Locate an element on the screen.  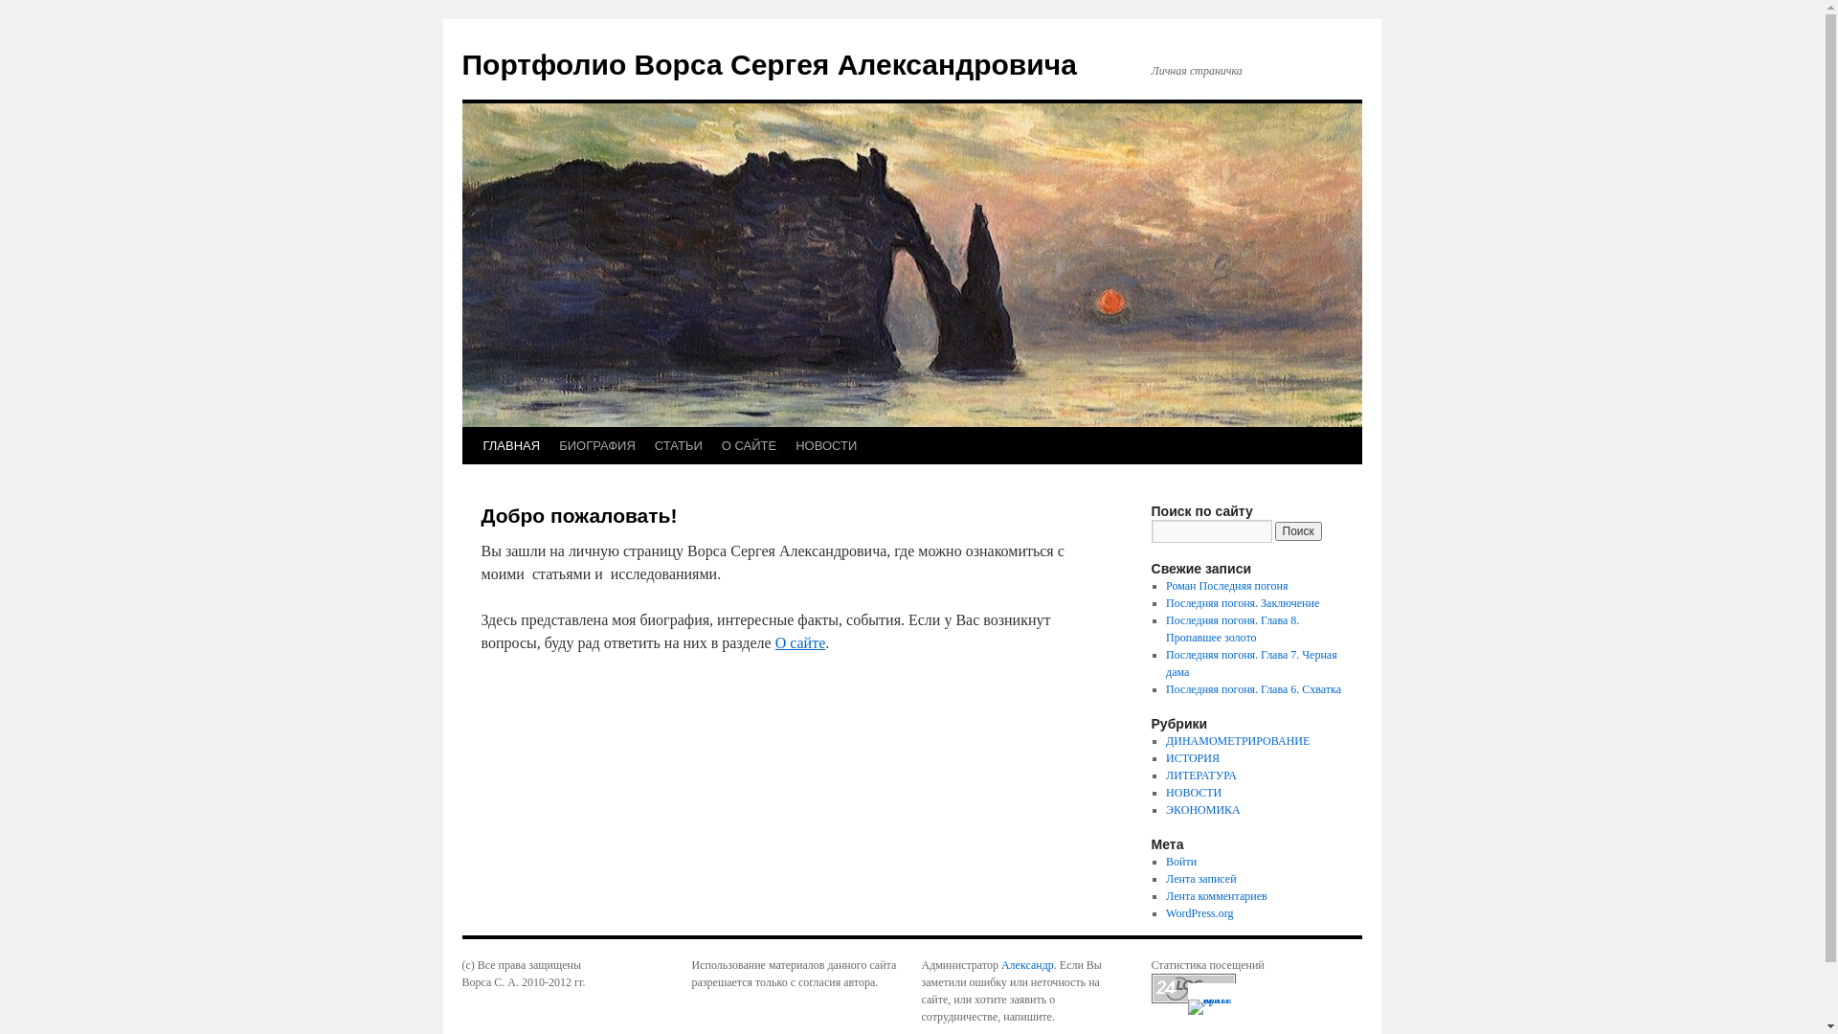
'WordPress.org' is located at coordinates (1198, 911).